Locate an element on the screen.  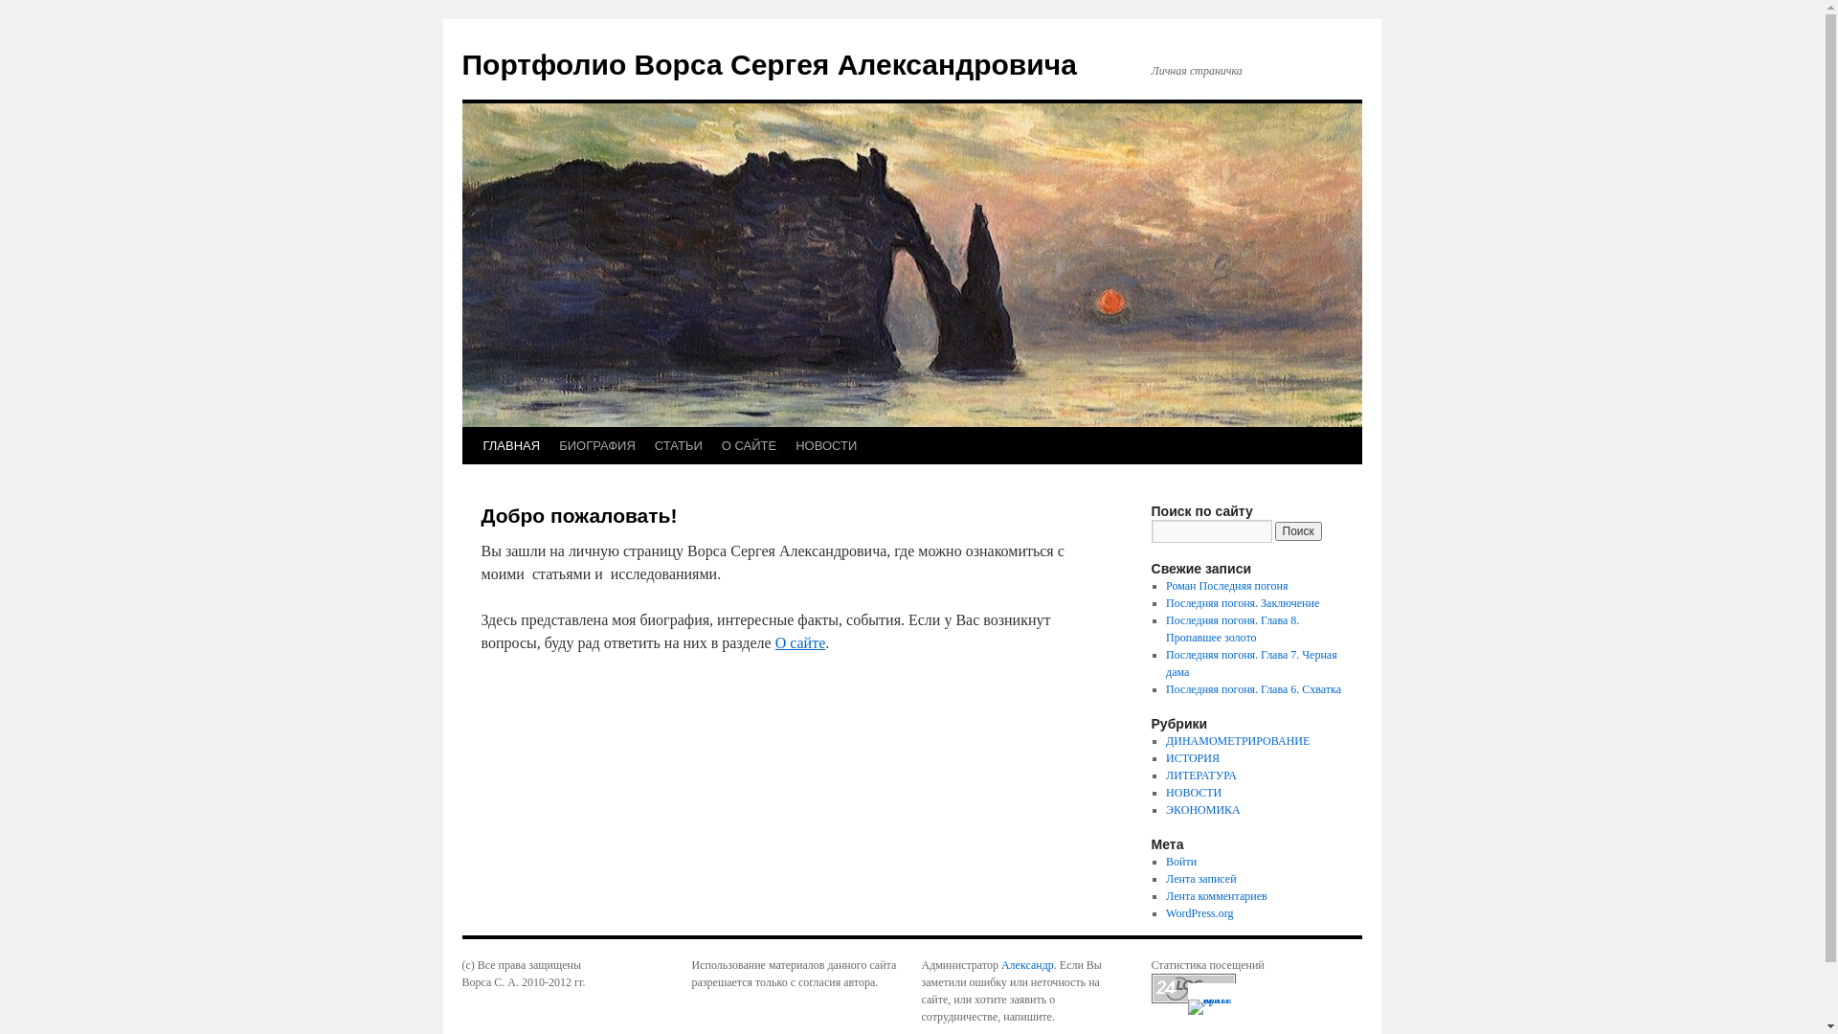
'WordPress.org' is located at coordinates (1198, 911).